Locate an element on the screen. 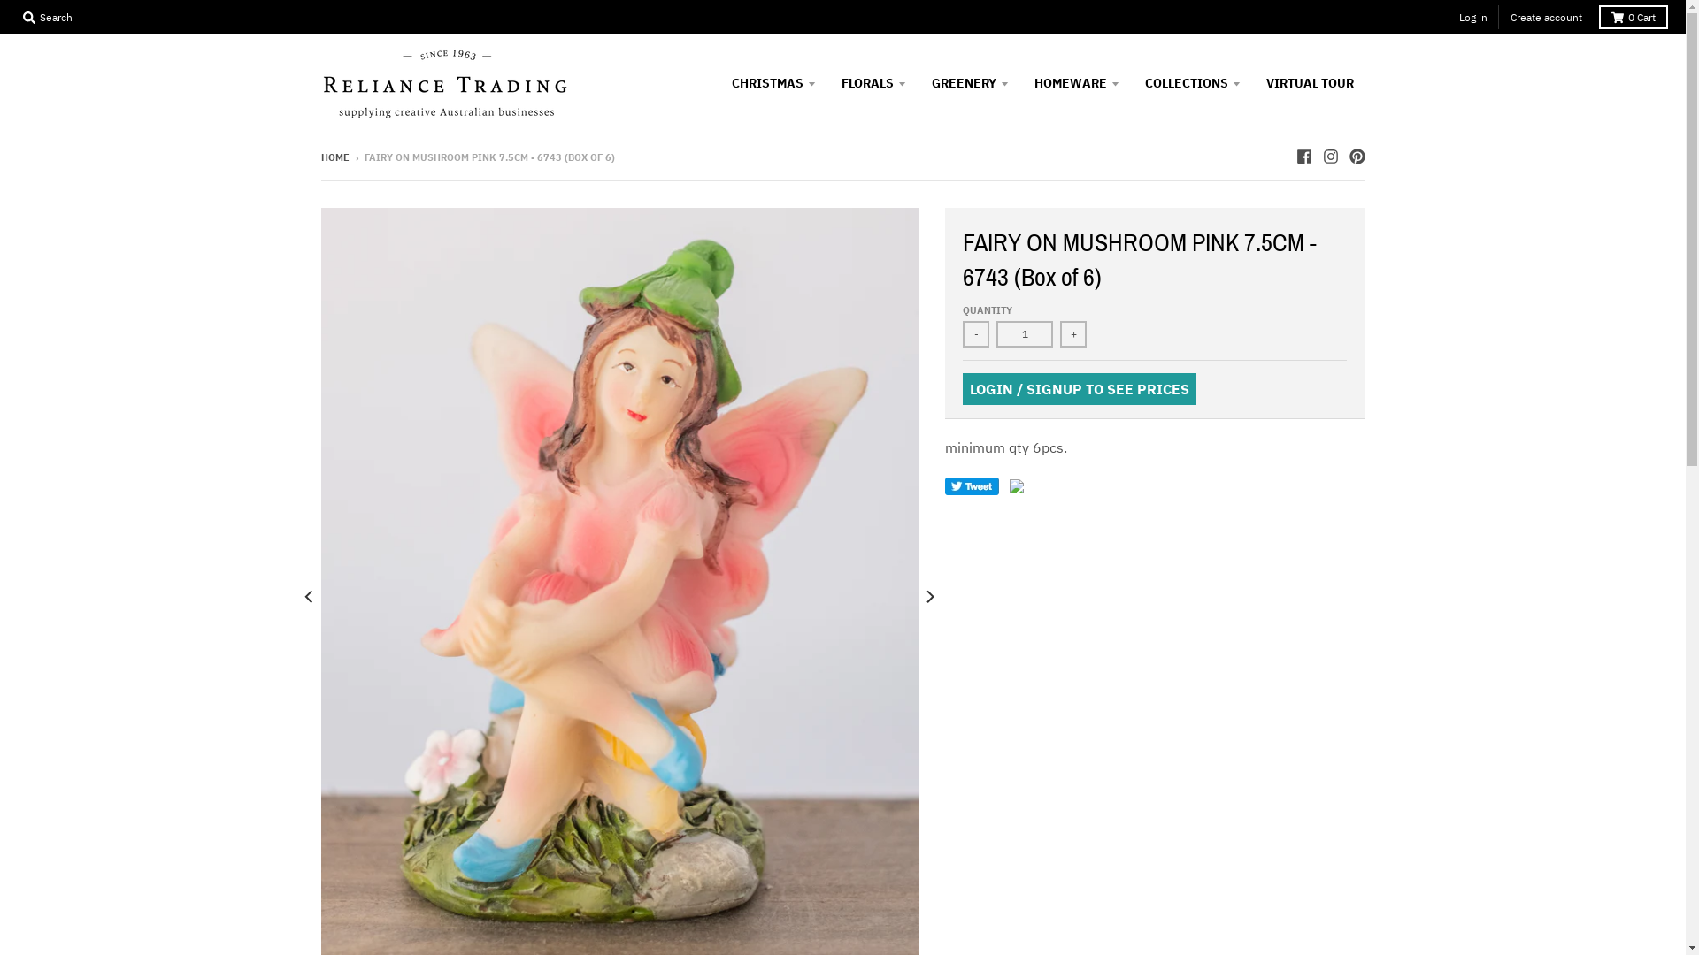 The image size is (1699, 955). 'FLORALS' is located at coordinates (873, 82).